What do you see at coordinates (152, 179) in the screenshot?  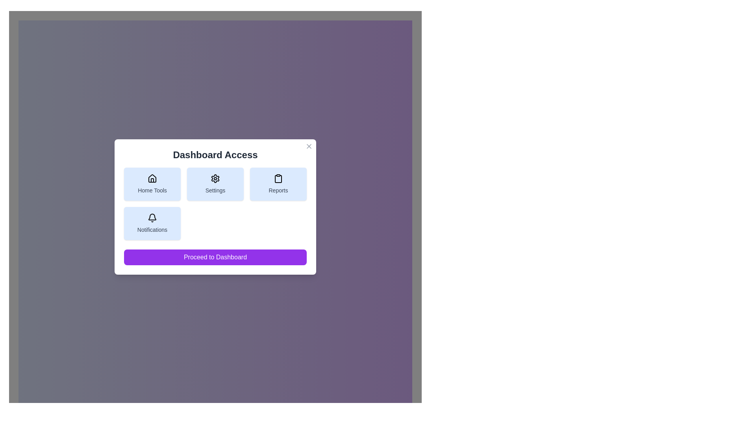 I see `the small house-shaped icon with a thin stroke and hollow interior, located within the 'Home Tools' section of the Dashboard Access panel` at bounding box center [152, 179].